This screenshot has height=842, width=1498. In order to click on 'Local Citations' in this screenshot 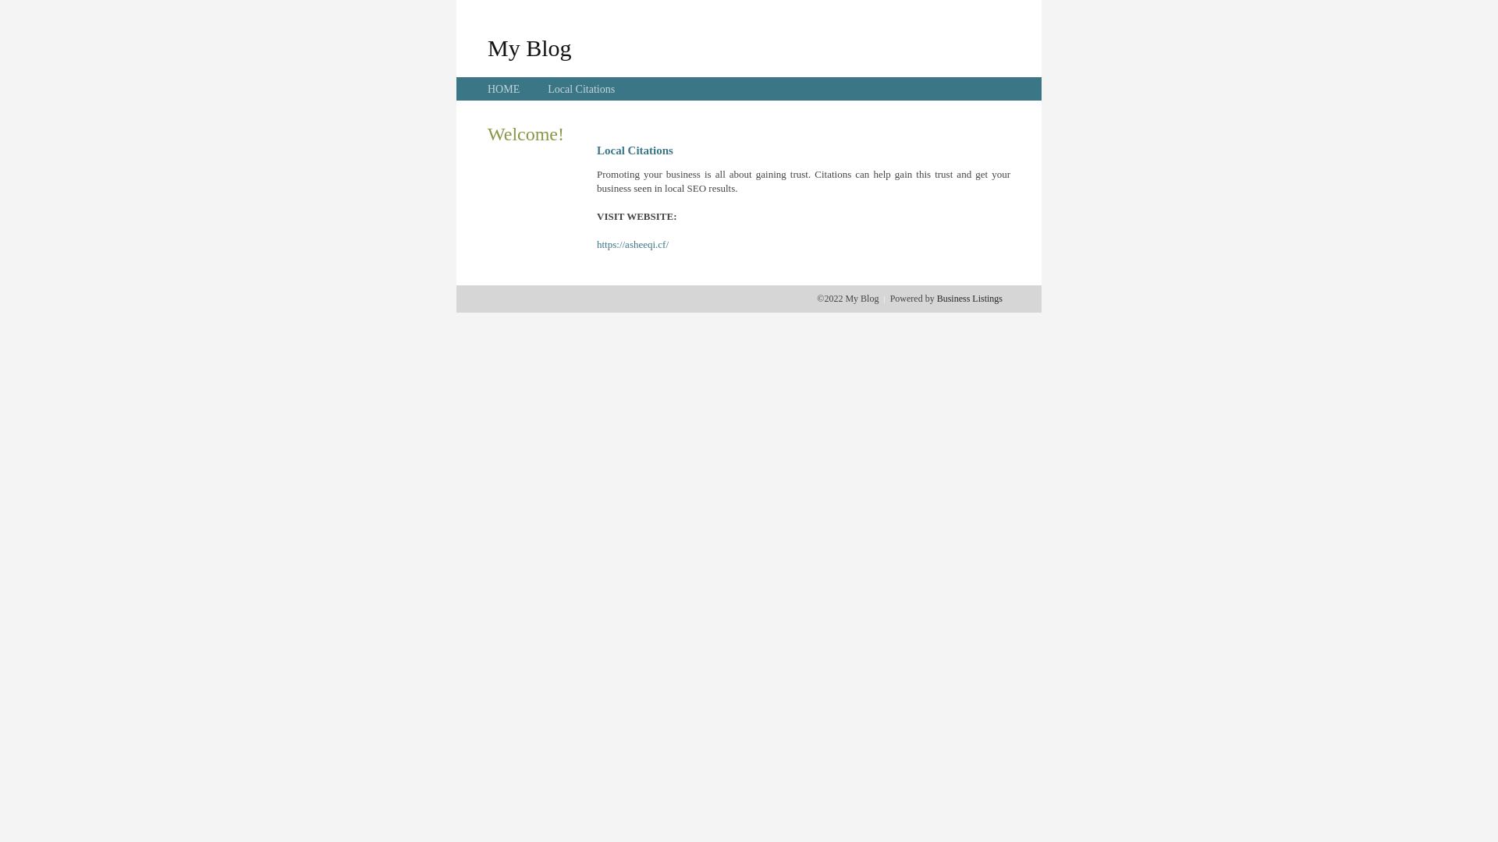, I will do `click(580, 89)`.